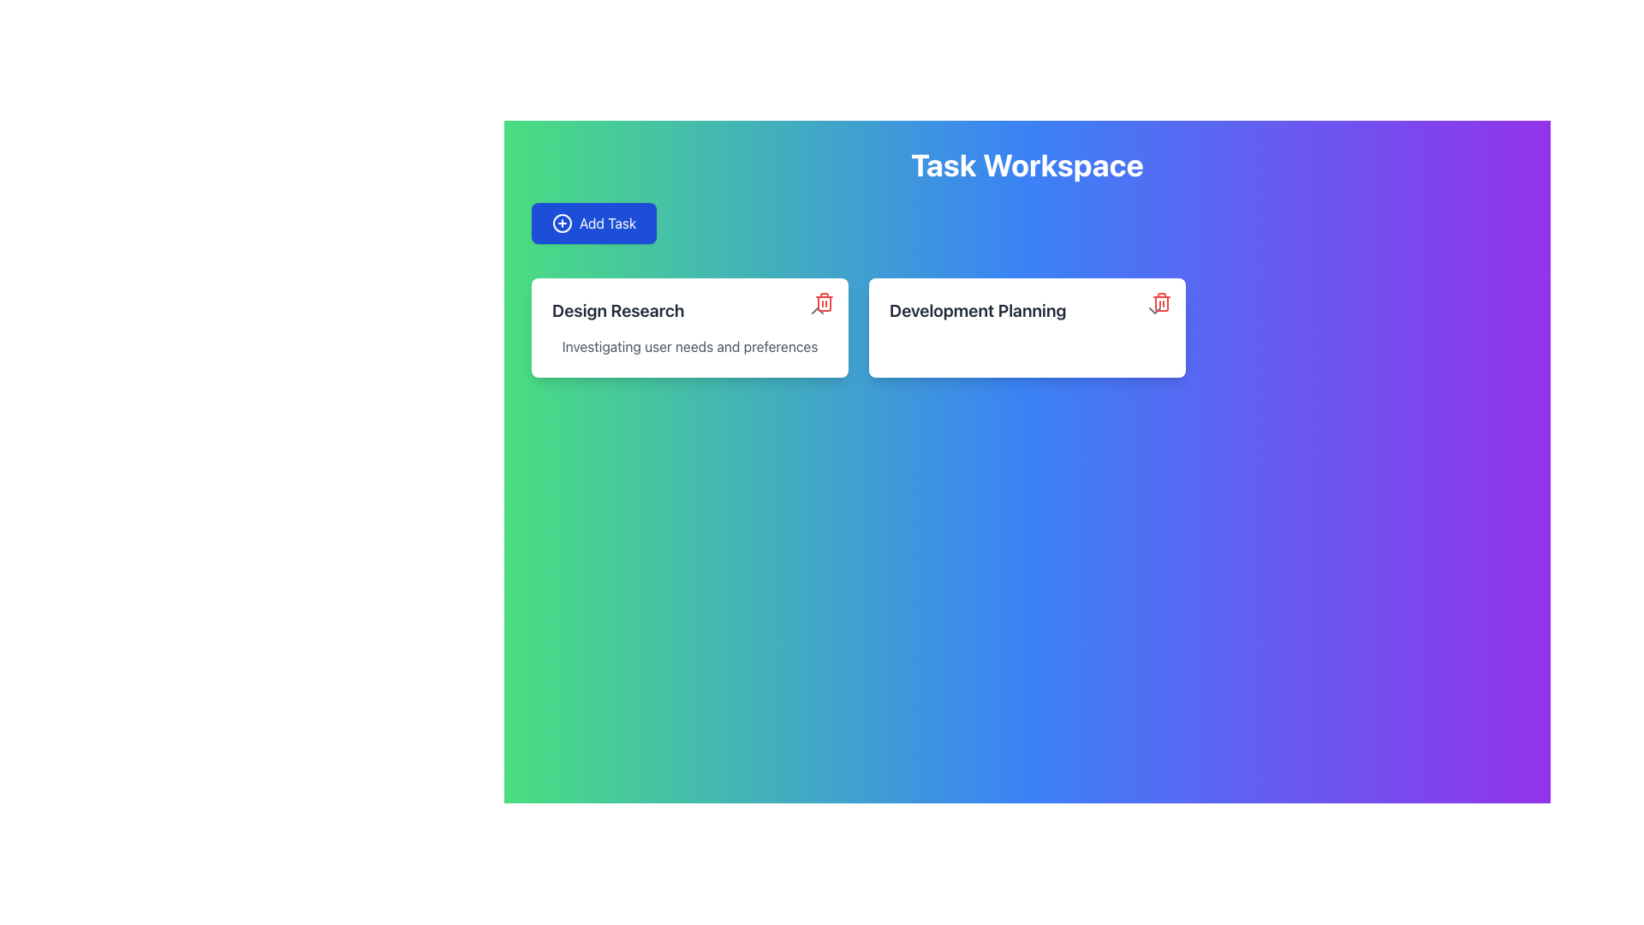 This screenshot has height=925, width=1644. Describe the element at coordinates (617, 310) in the screenshot. I see `the 'Design Research' text label, which is styled with large and bold typography in dark gray, located at the top-left of a white card within a grid of task cards` at that location.